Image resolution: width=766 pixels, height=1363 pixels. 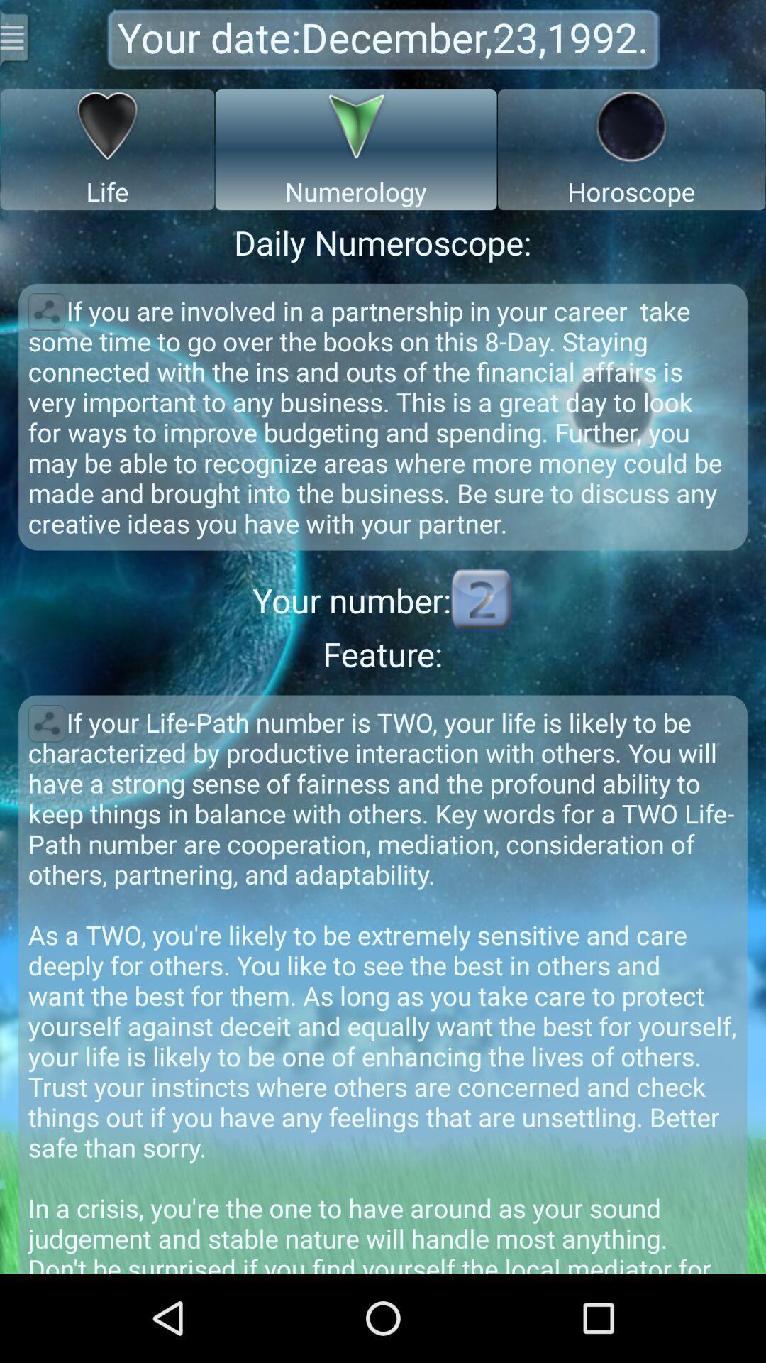 I want to click on the share icon, so click(x=45, y=333).